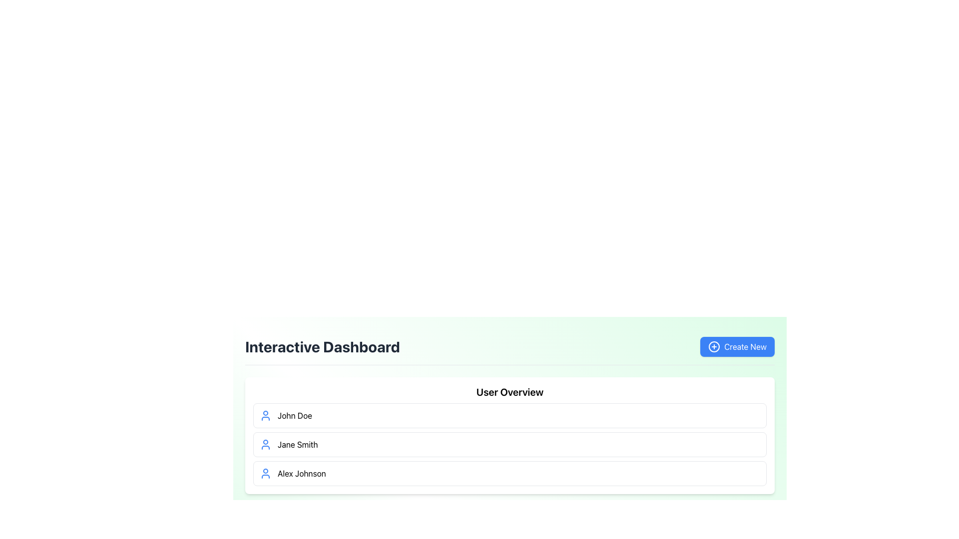 This screenshot has height=539, width=959. What do you see at coordinates (510, 392) in the screenshot?
I see `the 'User Overview' text label, which is styled with a larger font and serves as a heading above the user list in a card layout` at bounding box center [510, 392].